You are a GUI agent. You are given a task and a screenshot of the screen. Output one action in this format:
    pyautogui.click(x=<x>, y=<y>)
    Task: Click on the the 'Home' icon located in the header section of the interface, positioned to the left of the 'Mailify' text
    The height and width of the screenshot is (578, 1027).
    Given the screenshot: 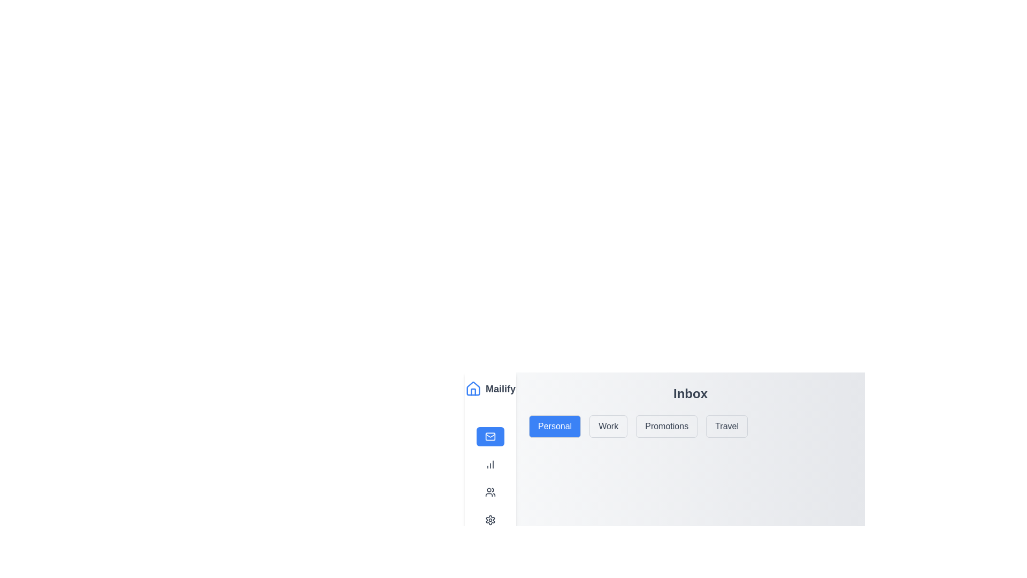 What is the action you would take?
    pyautogui.click(x=472, y=389)
    